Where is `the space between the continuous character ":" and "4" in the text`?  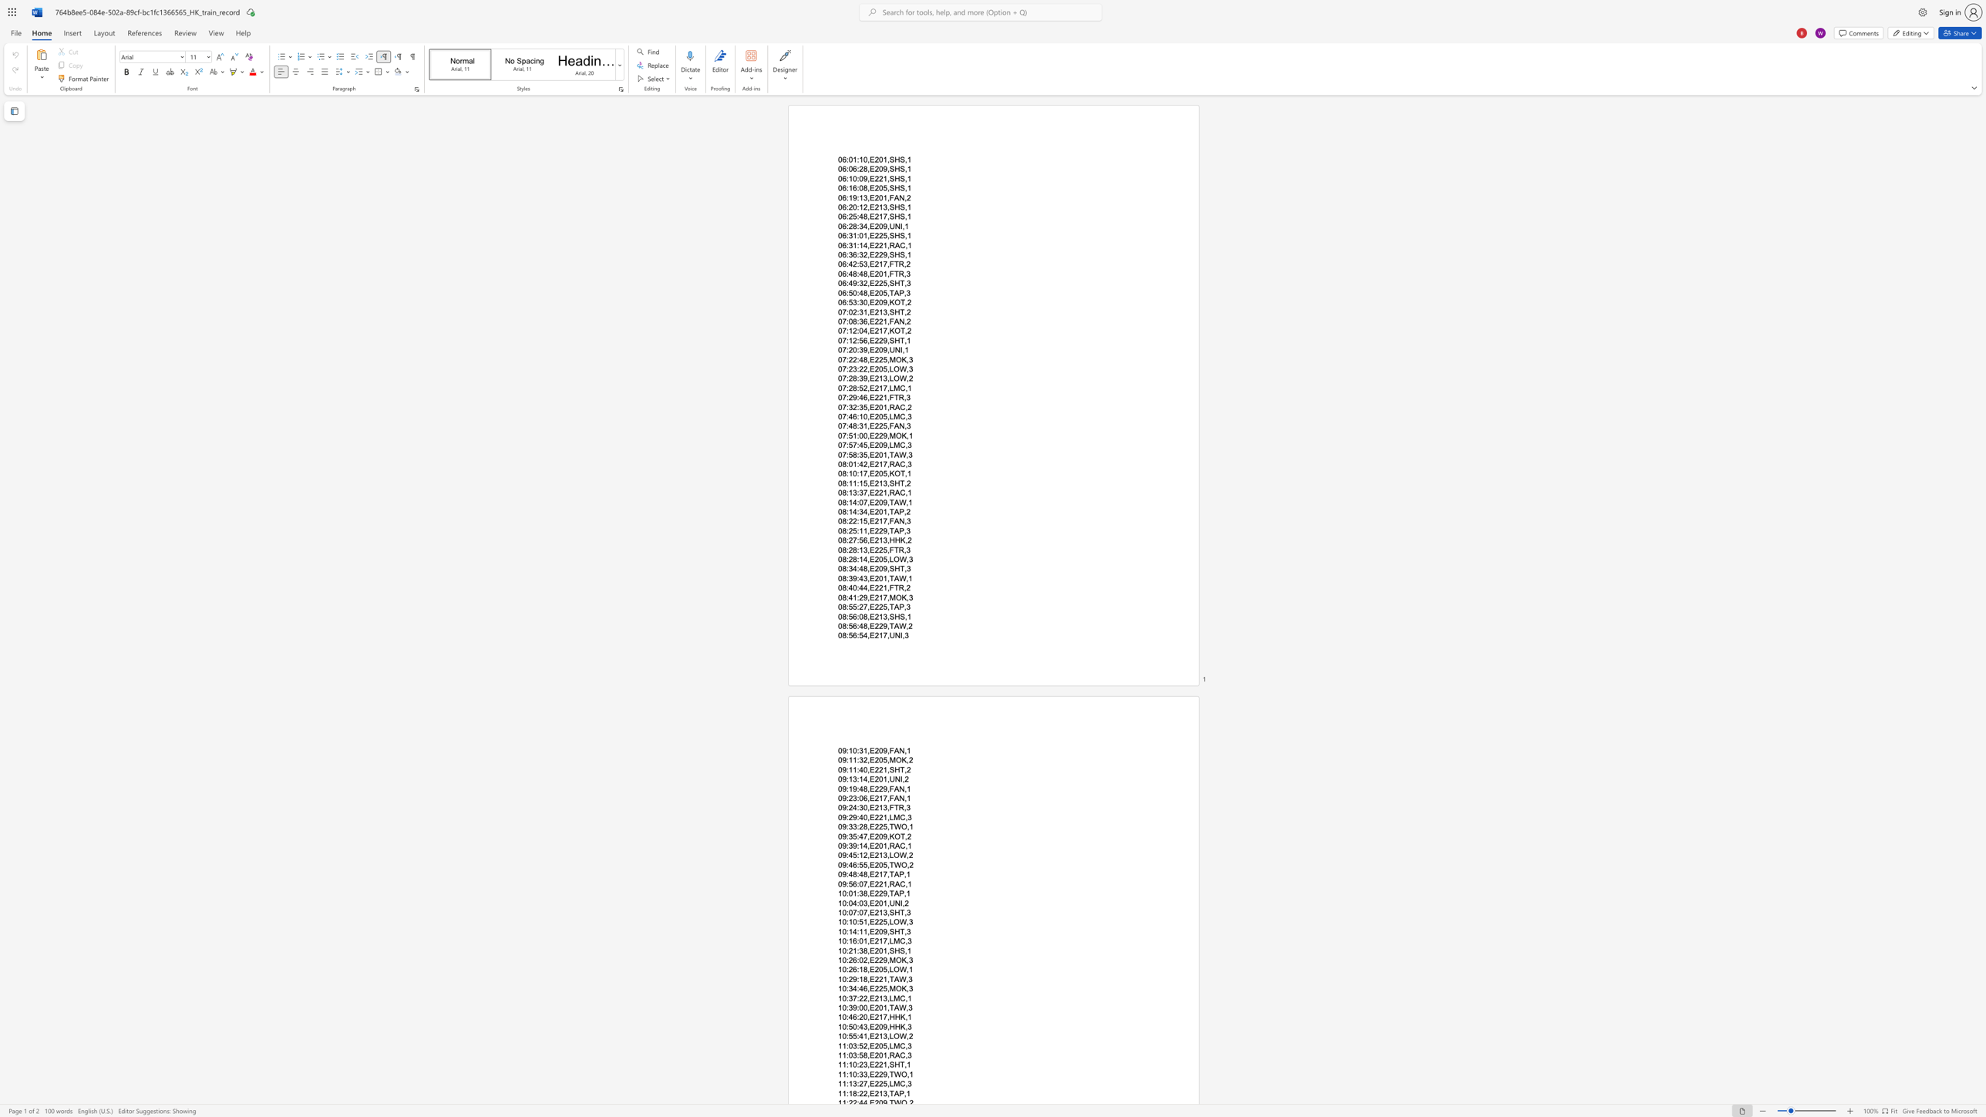
the space between the continuous character ":" and "4" in the text is located at coordinates (860, 577).